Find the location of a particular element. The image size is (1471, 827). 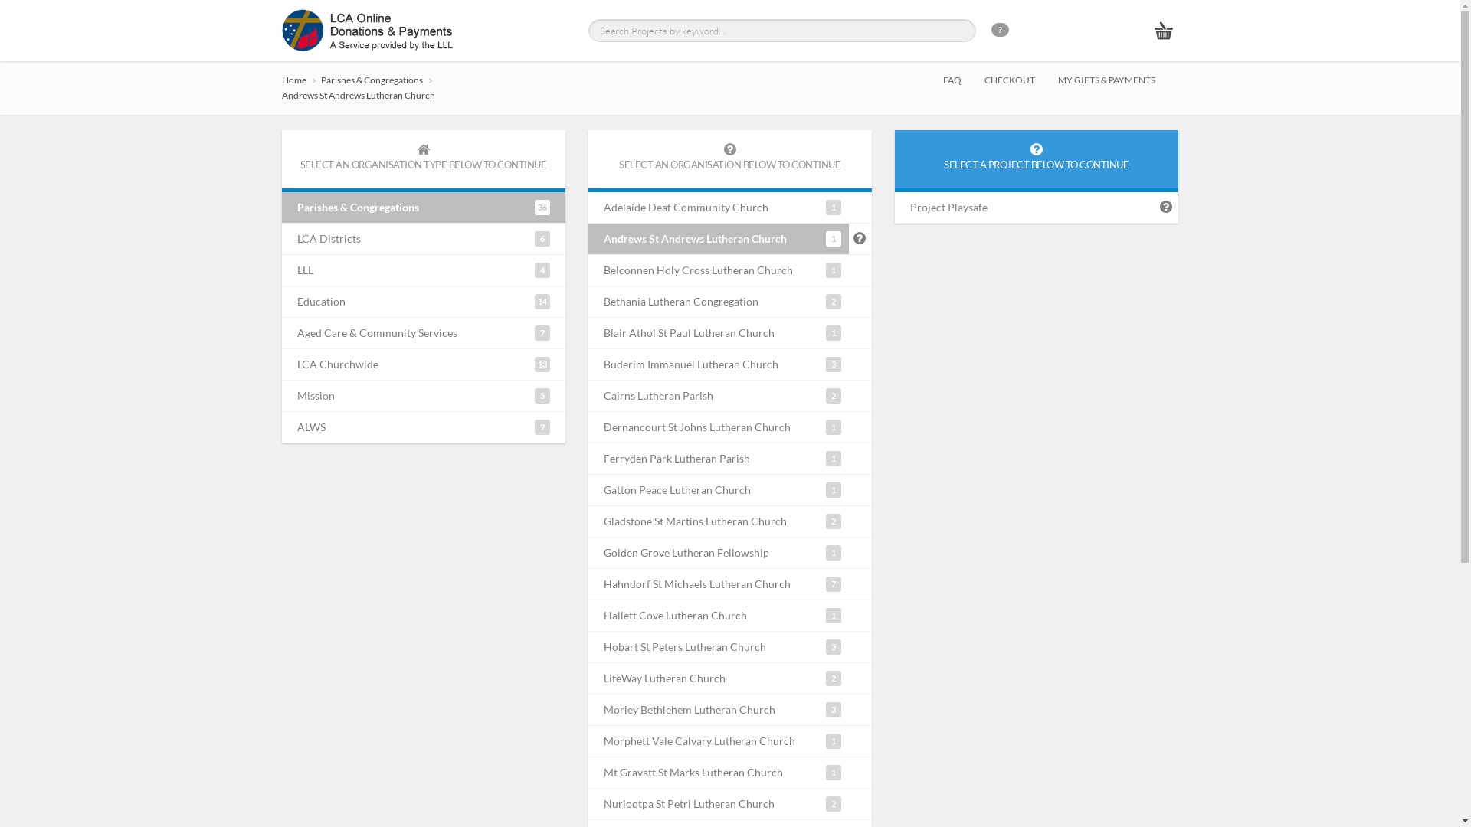

'7 is located at coordinates (423, 332).